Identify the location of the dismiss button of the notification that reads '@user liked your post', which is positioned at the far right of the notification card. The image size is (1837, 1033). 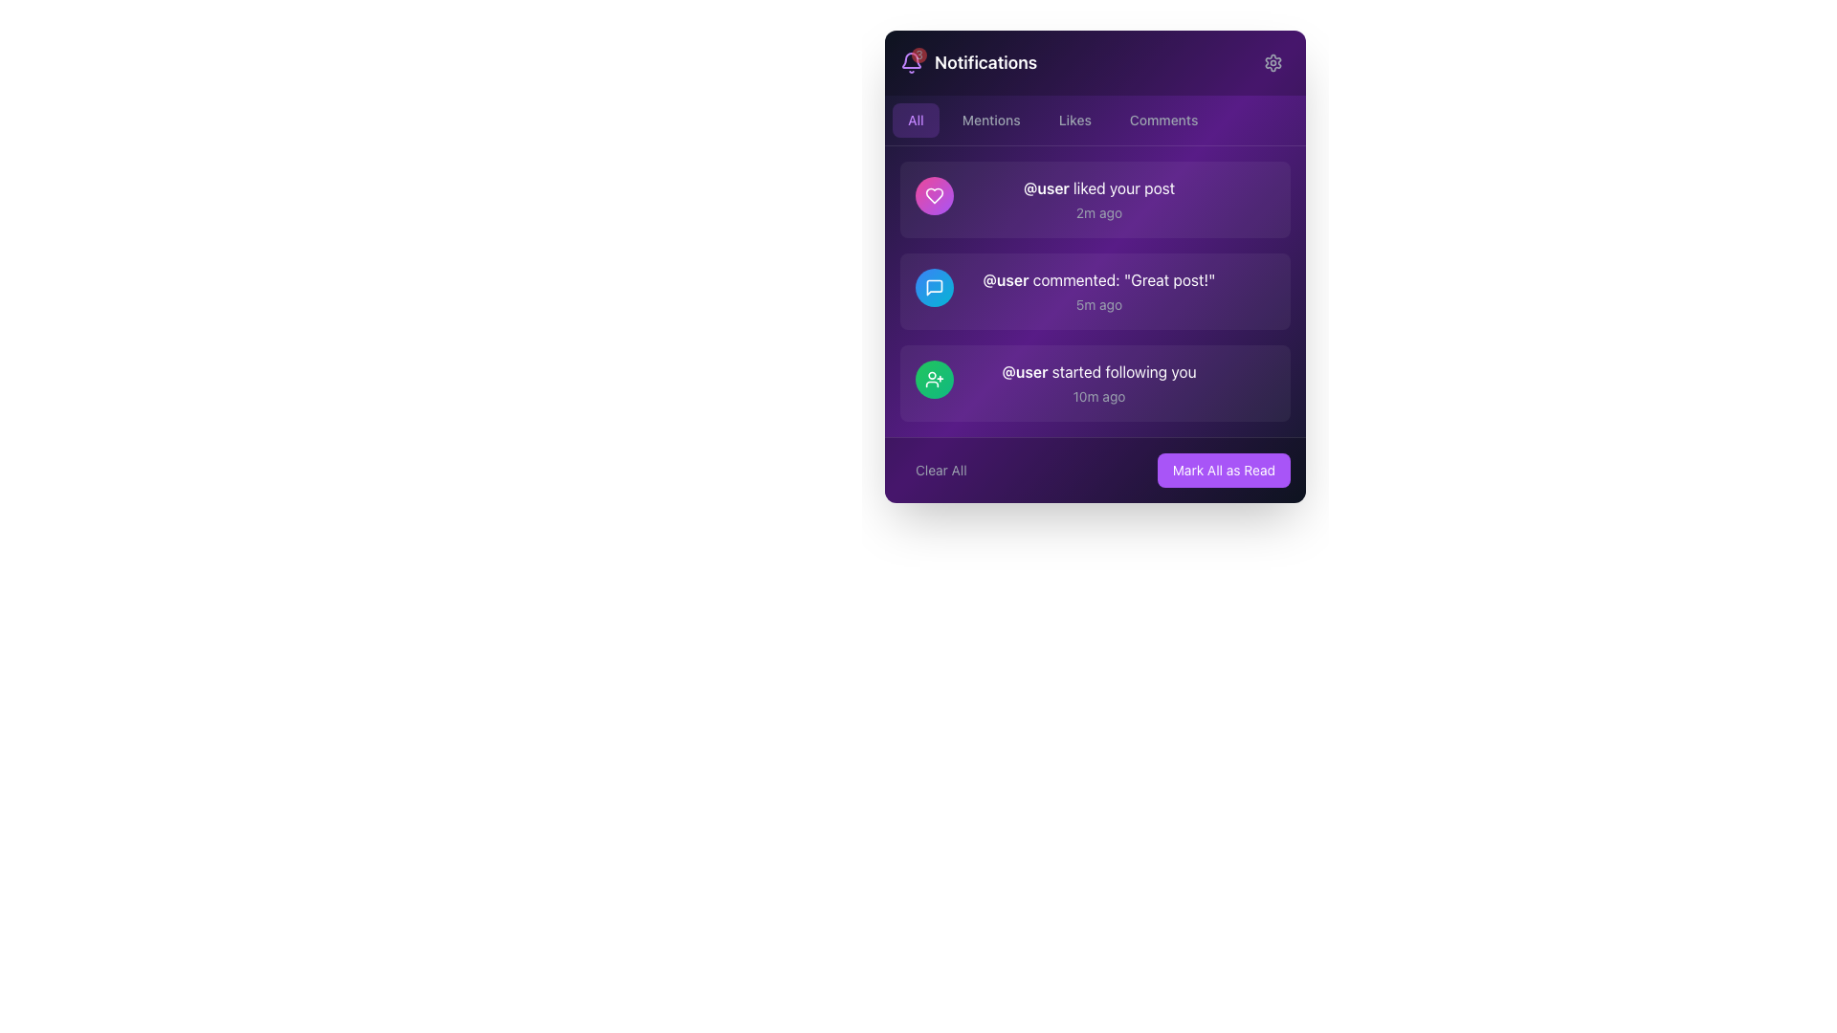
(1259, 191).